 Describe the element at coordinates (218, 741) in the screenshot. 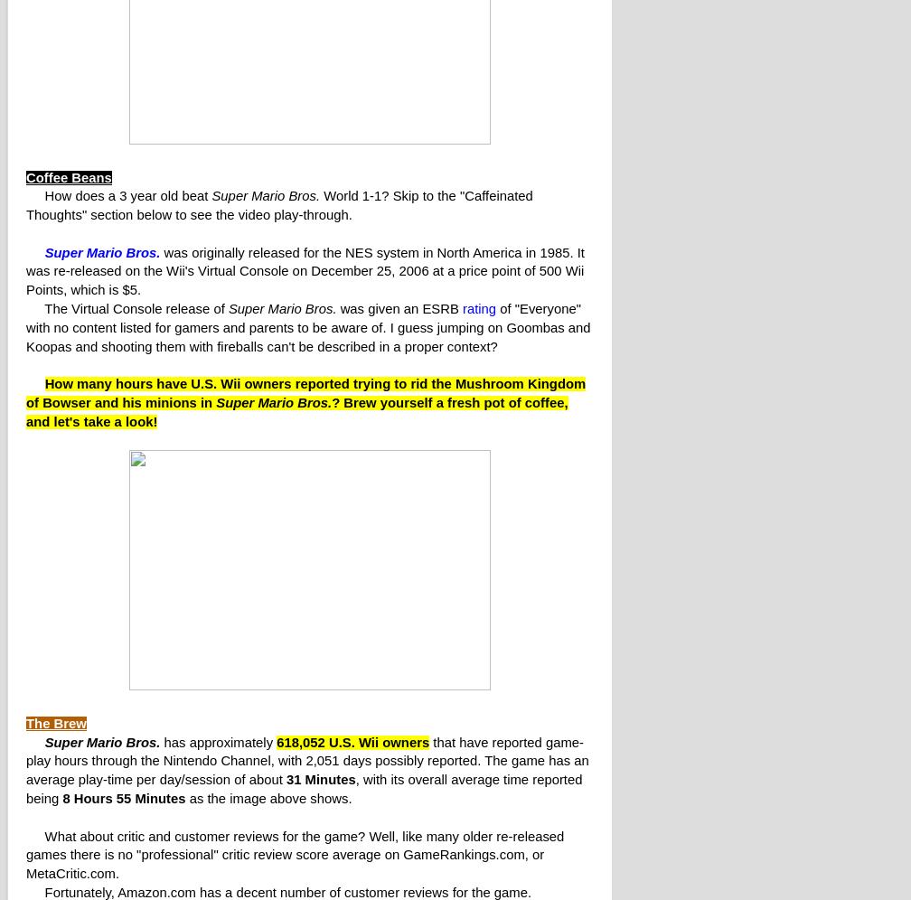

I see `'has approximately'` at that location.